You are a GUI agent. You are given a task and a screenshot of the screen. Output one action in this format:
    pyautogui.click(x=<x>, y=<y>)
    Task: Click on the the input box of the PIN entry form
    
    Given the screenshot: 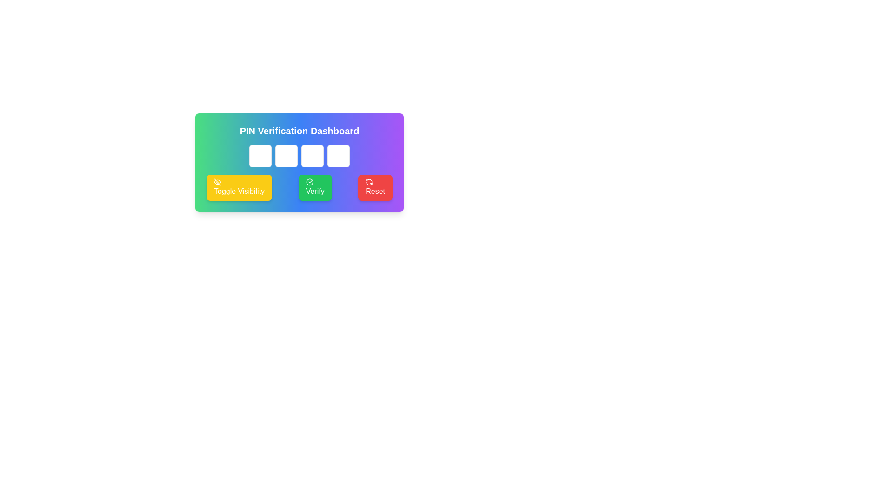 What is the action you would take?
    pyautogui.click(x=299, y=162)
    